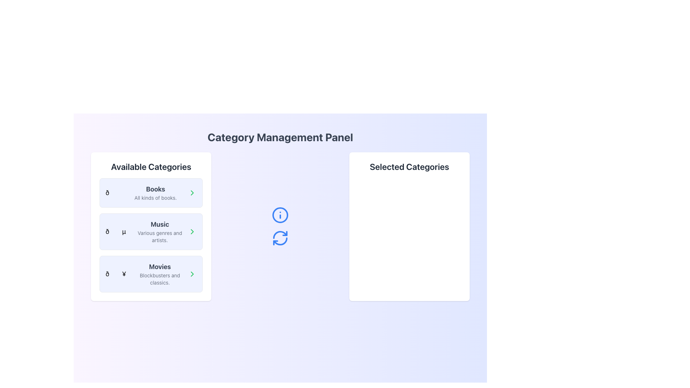 The image size is (690, 388). What do you see at coordinates (280, 214) in the screenshot?
I see `the small circular blue icon that is part of an informational symbol near the center of the interface` at bounding box center [280, 214].